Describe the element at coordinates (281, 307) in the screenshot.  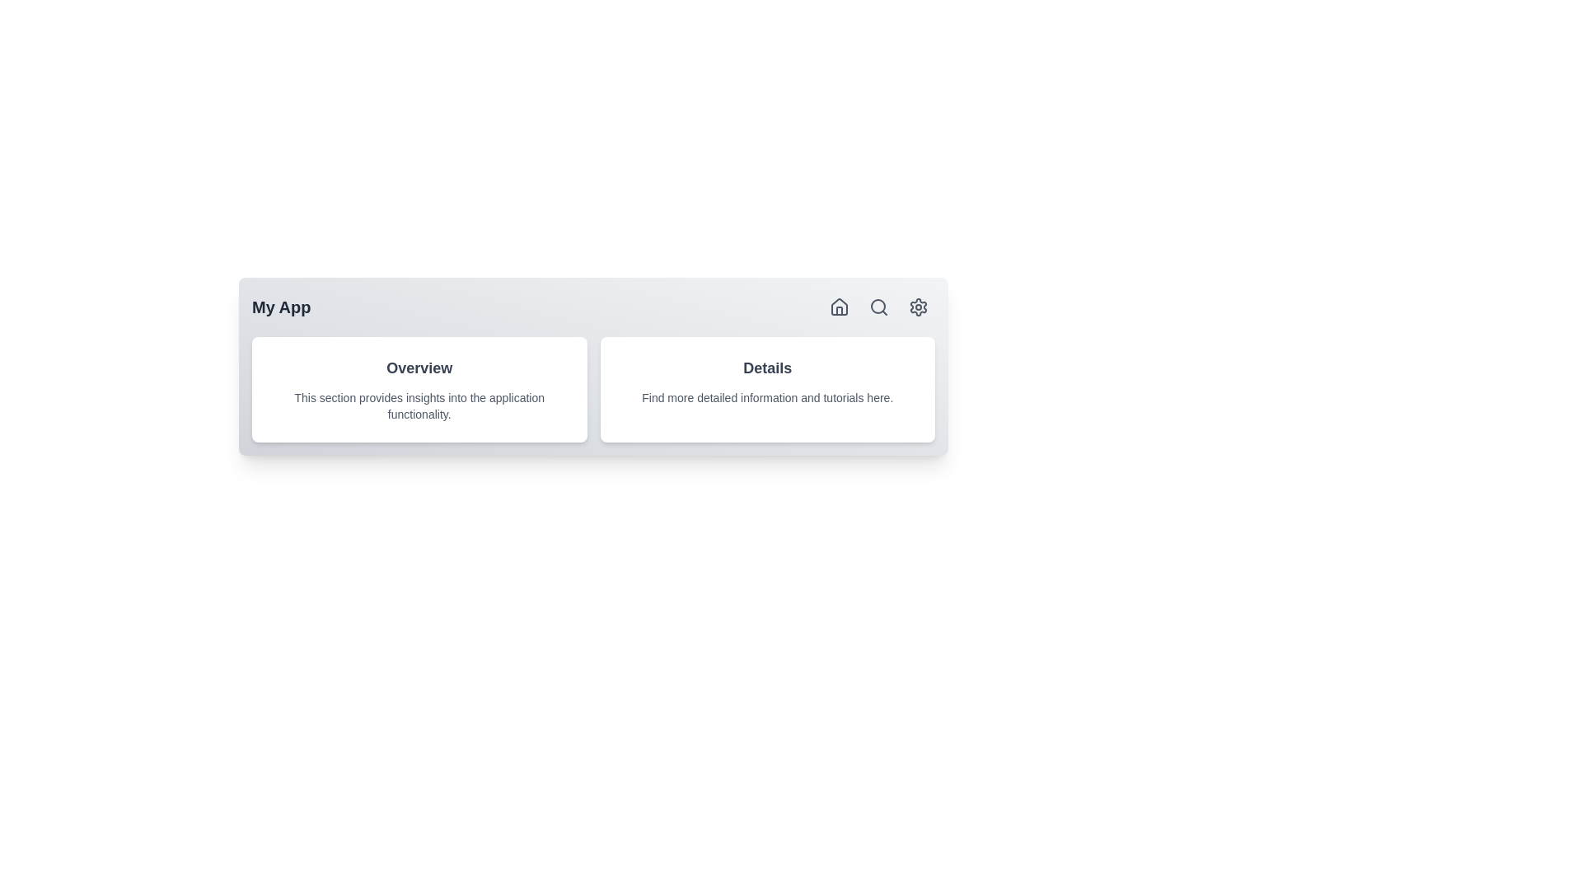
I see `the branding label located at the top-left corner of the application interface` at that location.